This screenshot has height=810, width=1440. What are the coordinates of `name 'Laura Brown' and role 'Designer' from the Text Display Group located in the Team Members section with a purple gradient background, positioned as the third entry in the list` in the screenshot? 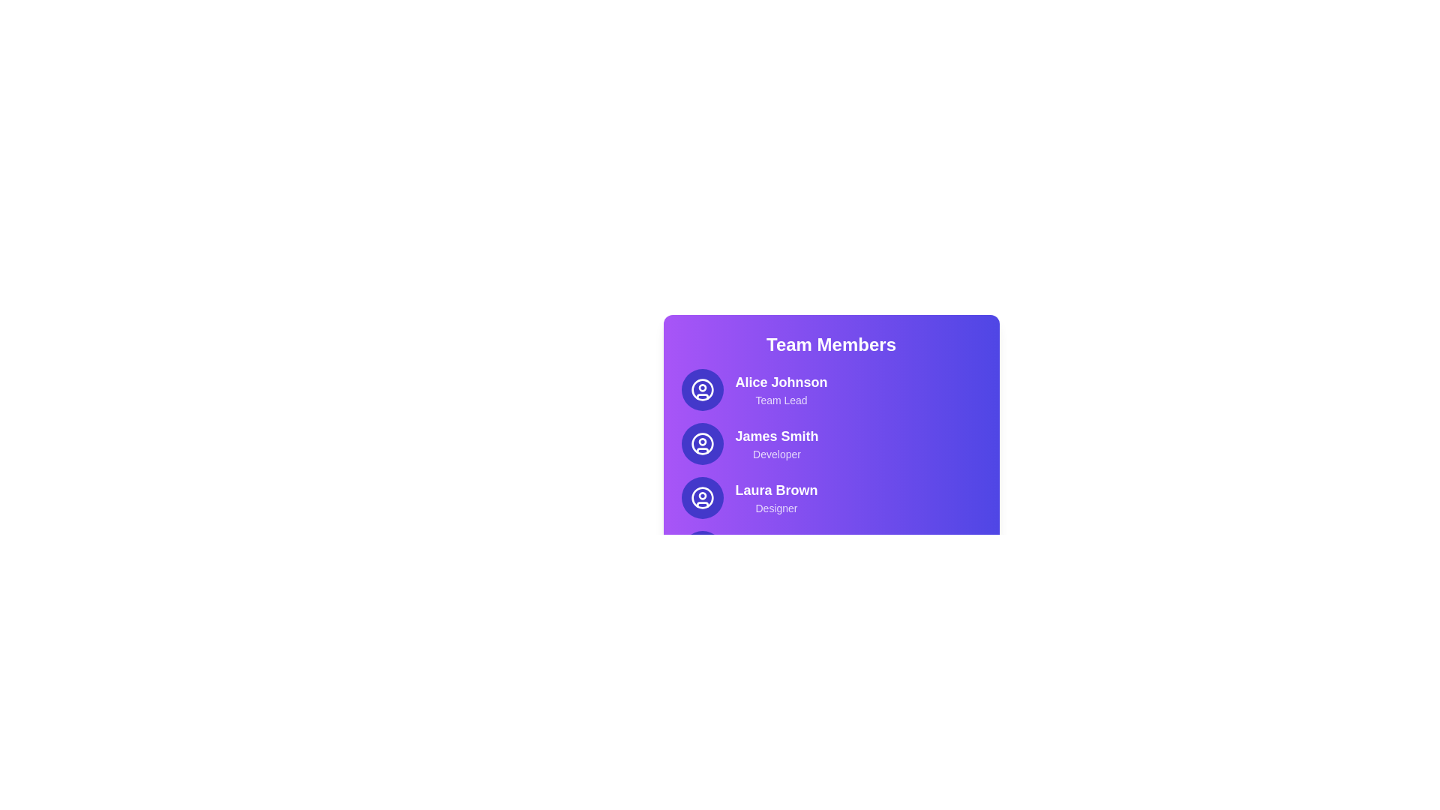 It's located at (776, 497).